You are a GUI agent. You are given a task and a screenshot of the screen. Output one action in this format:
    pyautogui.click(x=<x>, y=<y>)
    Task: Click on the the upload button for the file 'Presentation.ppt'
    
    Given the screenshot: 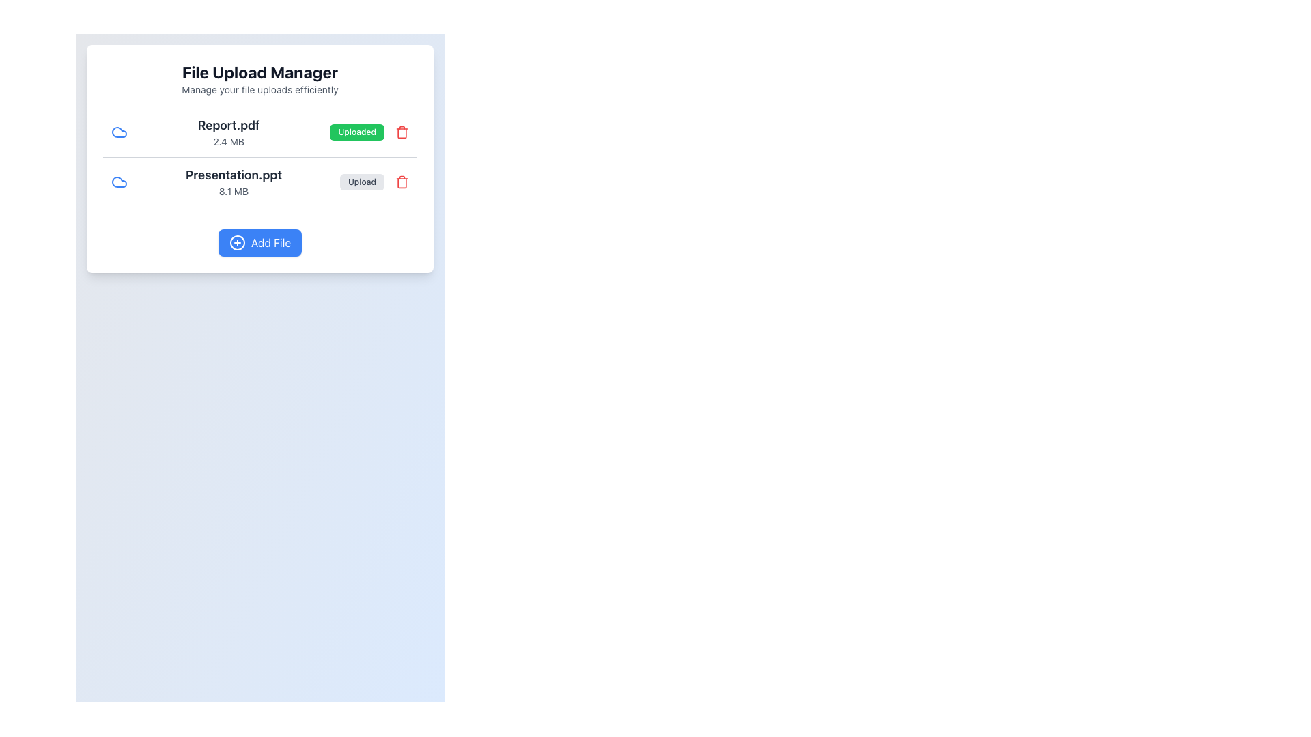 What is the action you would take?
    pyautogui.click(x=362, y=181)
    